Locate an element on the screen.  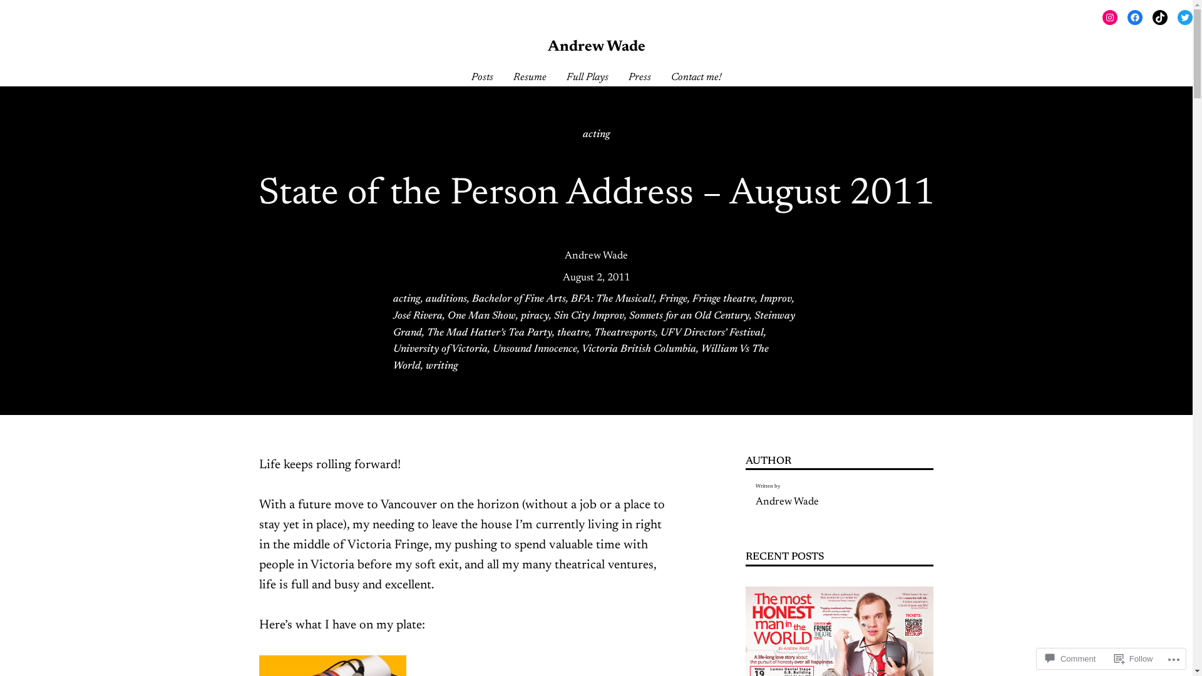
'Comment' is located at coordinates (1040, 658).